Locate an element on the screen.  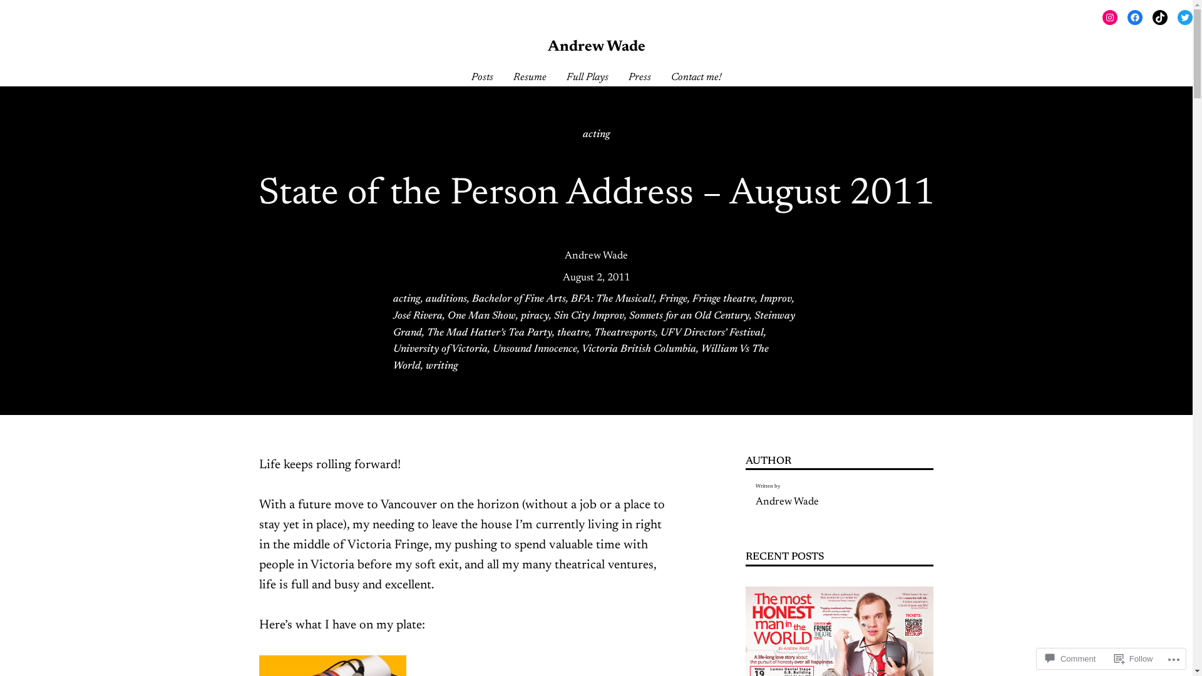
'Comment' is located at coordinates (1040, 658).